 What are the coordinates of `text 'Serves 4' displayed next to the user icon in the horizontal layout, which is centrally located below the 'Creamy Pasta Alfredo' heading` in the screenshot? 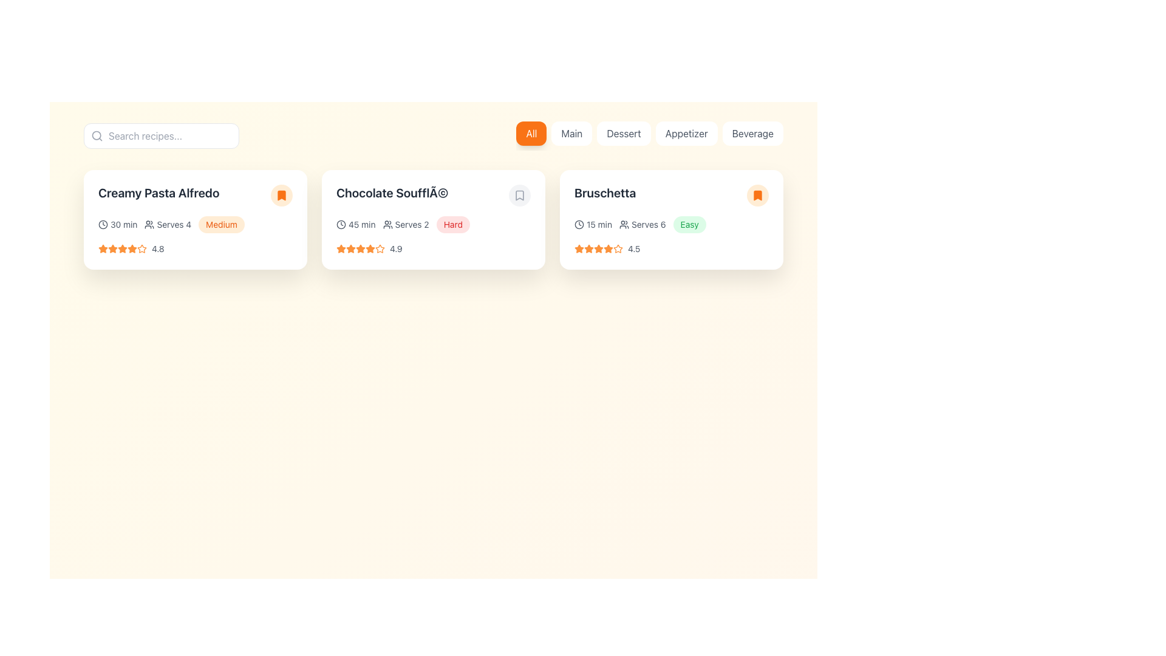 It's located at (167, 225).